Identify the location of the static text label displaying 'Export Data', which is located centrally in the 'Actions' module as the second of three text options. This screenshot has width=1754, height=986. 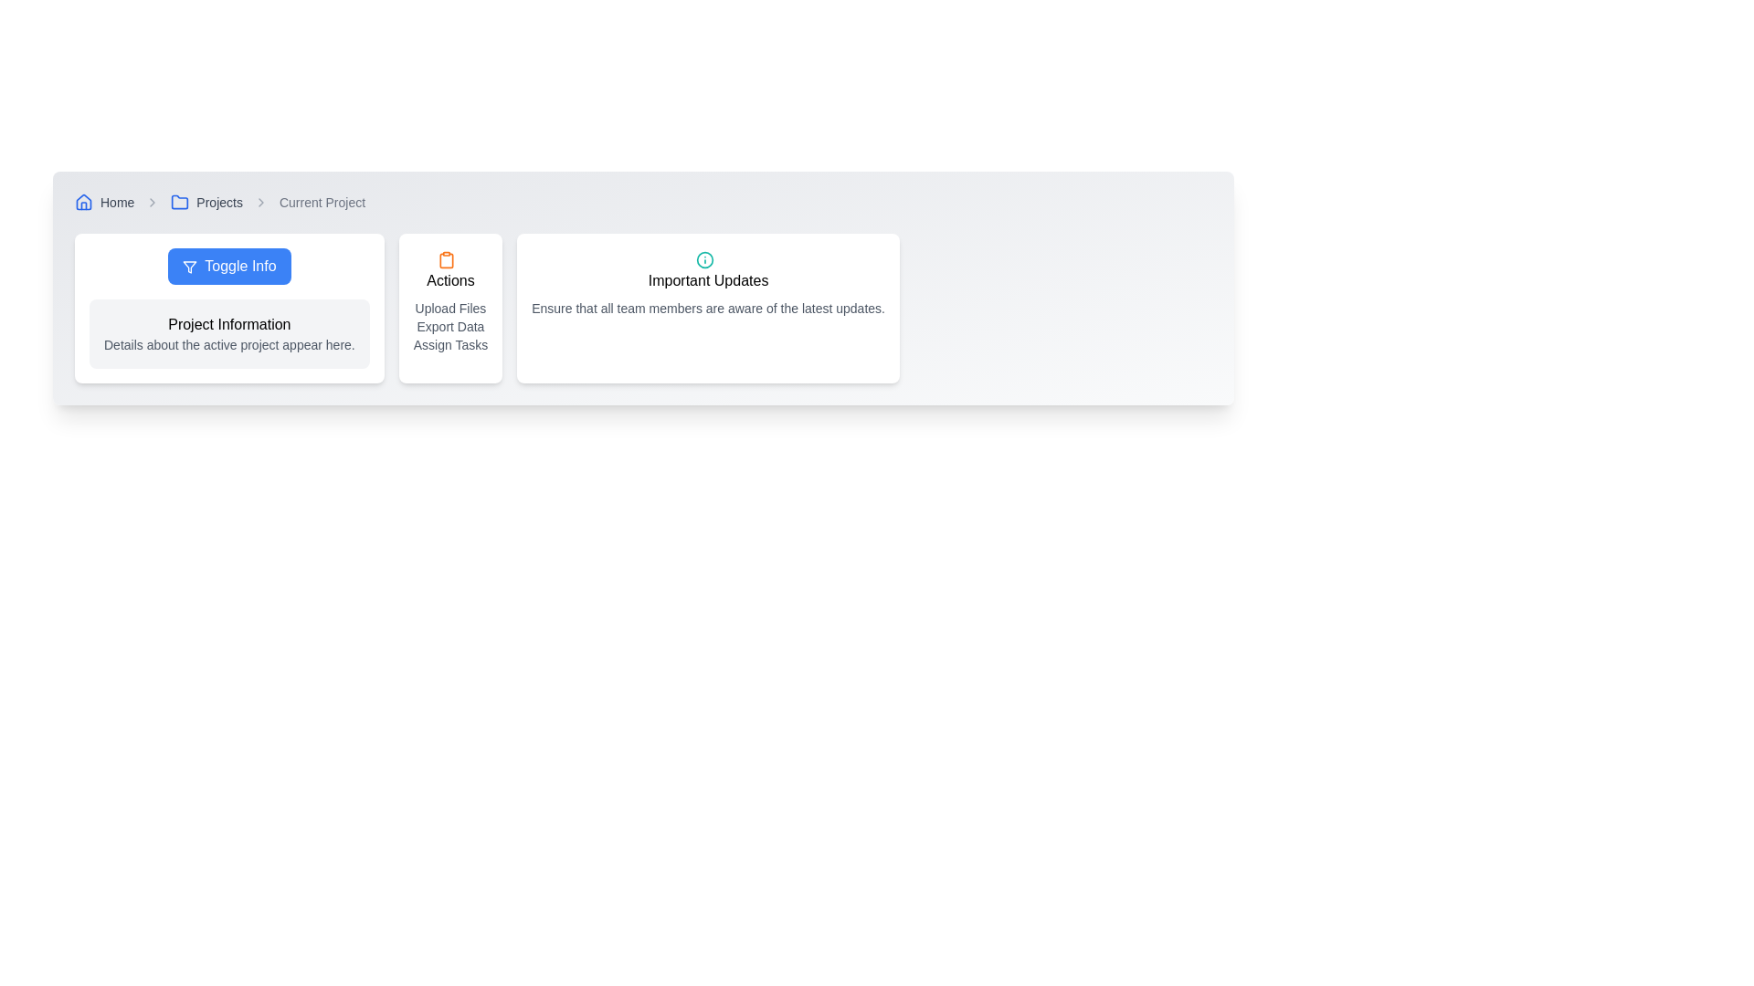
(450, 326).